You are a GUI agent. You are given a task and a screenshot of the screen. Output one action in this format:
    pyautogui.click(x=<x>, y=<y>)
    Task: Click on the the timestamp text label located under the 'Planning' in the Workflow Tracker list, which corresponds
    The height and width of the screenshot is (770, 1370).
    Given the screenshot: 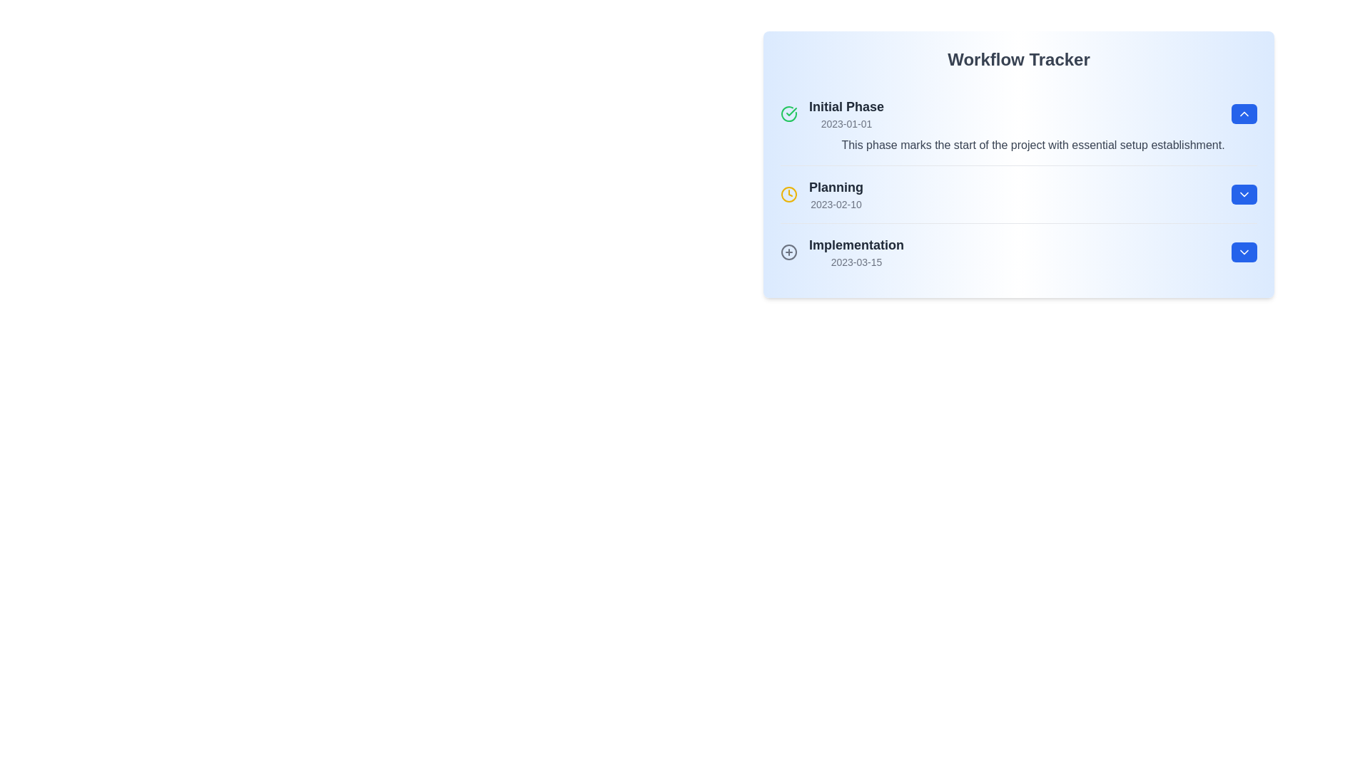 What is the action you would take?
    pyautogui.click(x=836, y=204)
    